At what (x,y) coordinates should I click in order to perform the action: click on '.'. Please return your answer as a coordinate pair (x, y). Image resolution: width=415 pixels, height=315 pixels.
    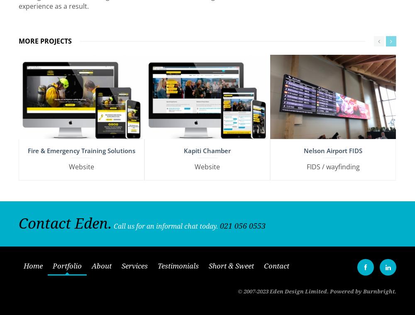
    Looking at the image, I should click on (395, 288).